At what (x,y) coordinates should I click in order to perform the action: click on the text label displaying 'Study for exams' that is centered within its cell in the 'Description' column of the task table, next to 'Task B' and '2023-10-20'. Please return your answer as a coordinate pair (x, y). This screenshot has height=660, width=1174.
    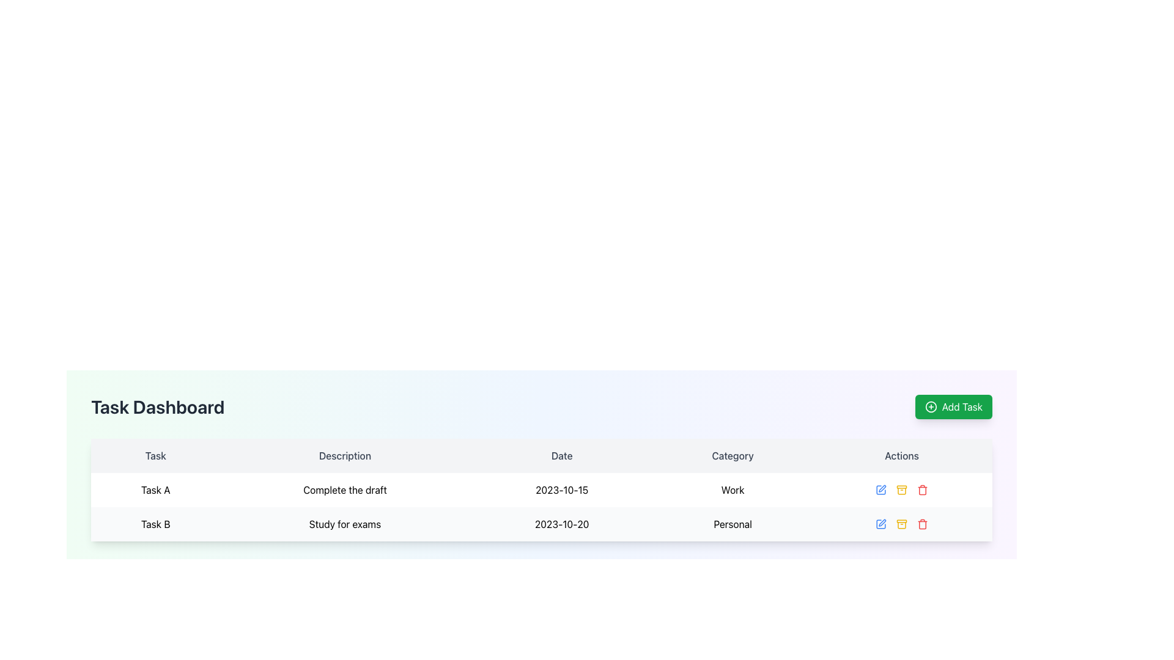
    Looking at the image, I should click on (344, 523).